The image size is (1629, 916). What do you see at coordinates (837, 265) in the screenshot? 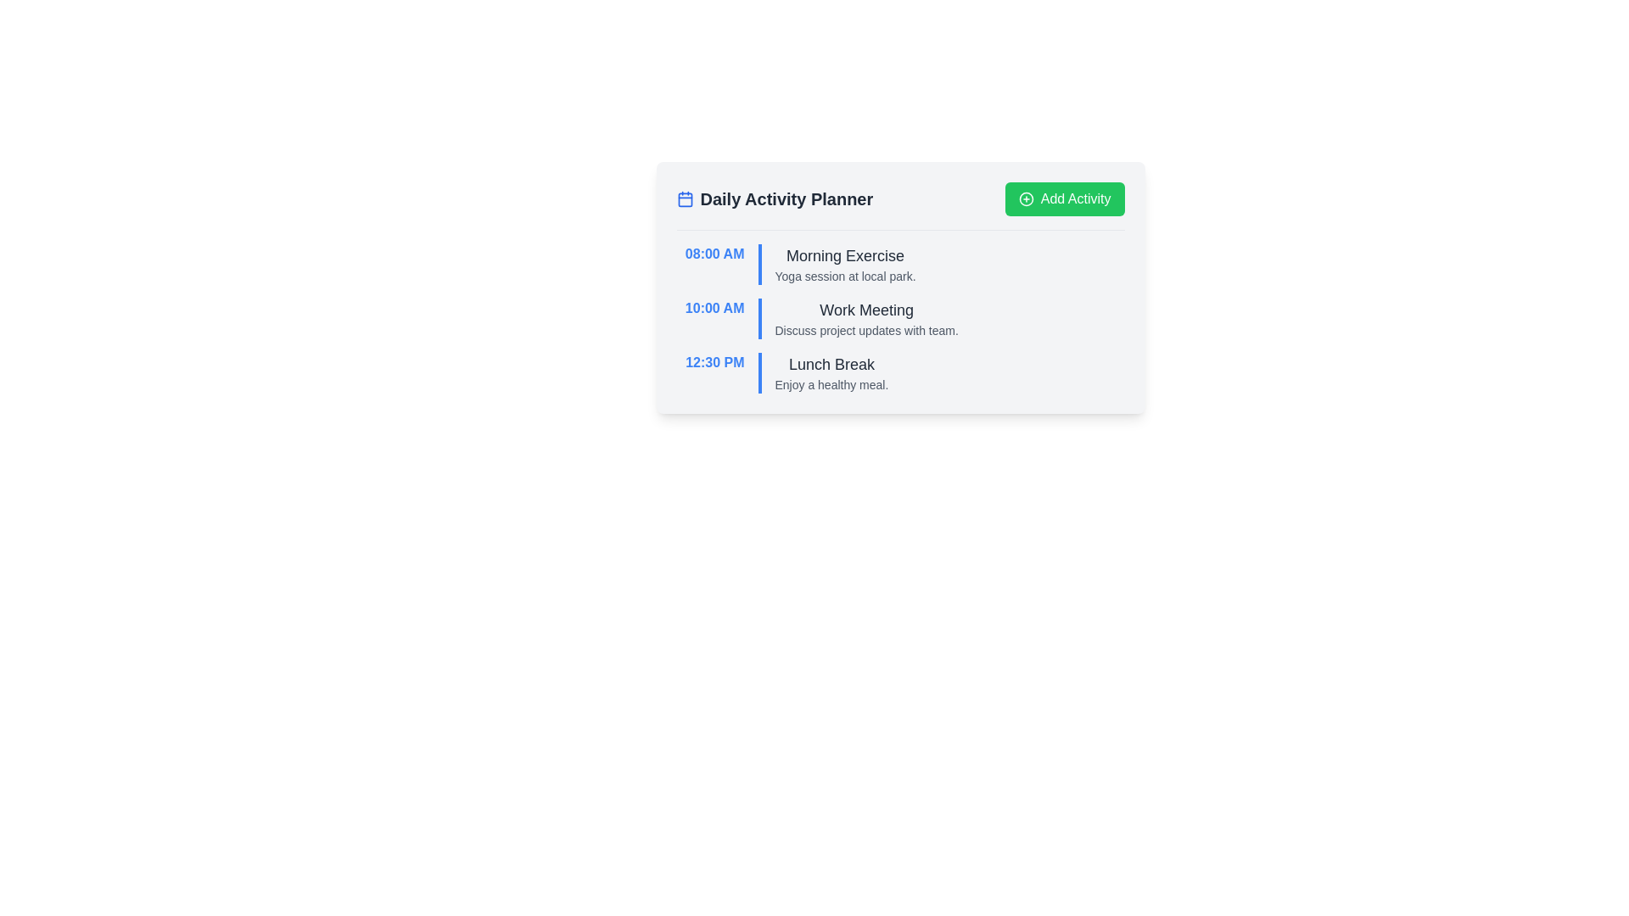
I see `the Text Display element that informs about the planned activity 'Morning Exercise', located in the second column next to '08:00 AM' and above '10:00 AM'` at bounding box center [837, 265].